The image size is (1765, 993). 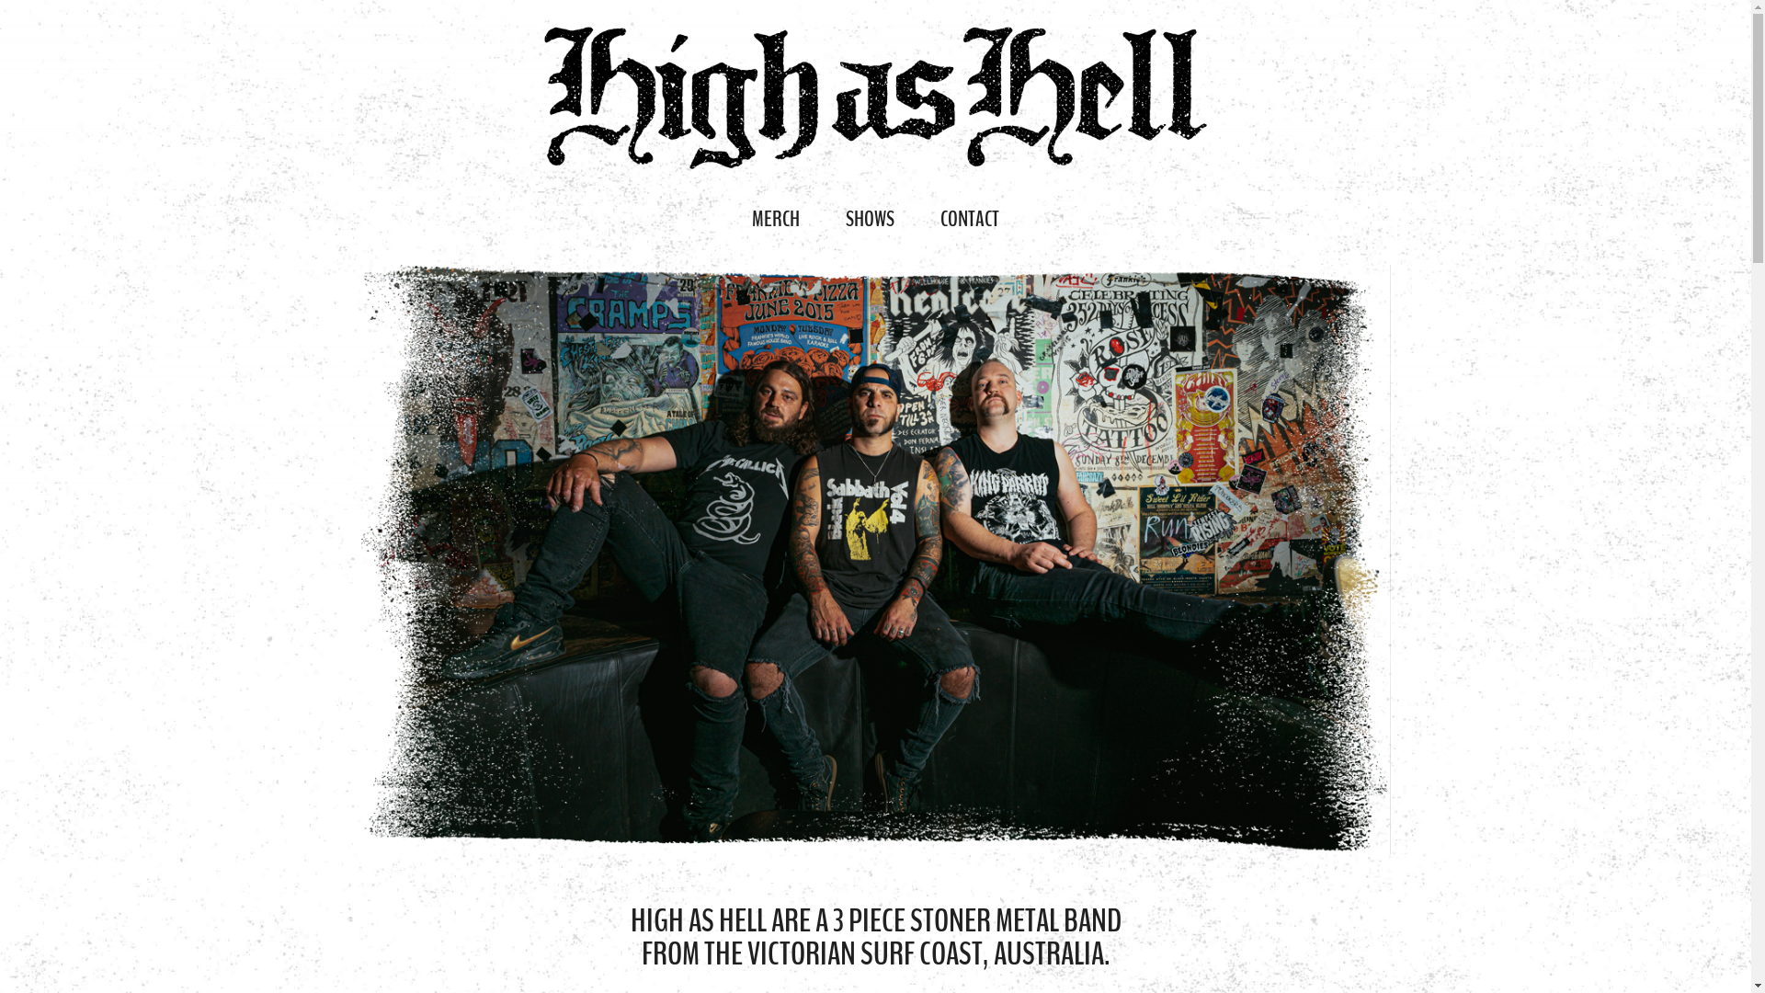 I want to click on 'CONTACT', so click(x=969, y=218).